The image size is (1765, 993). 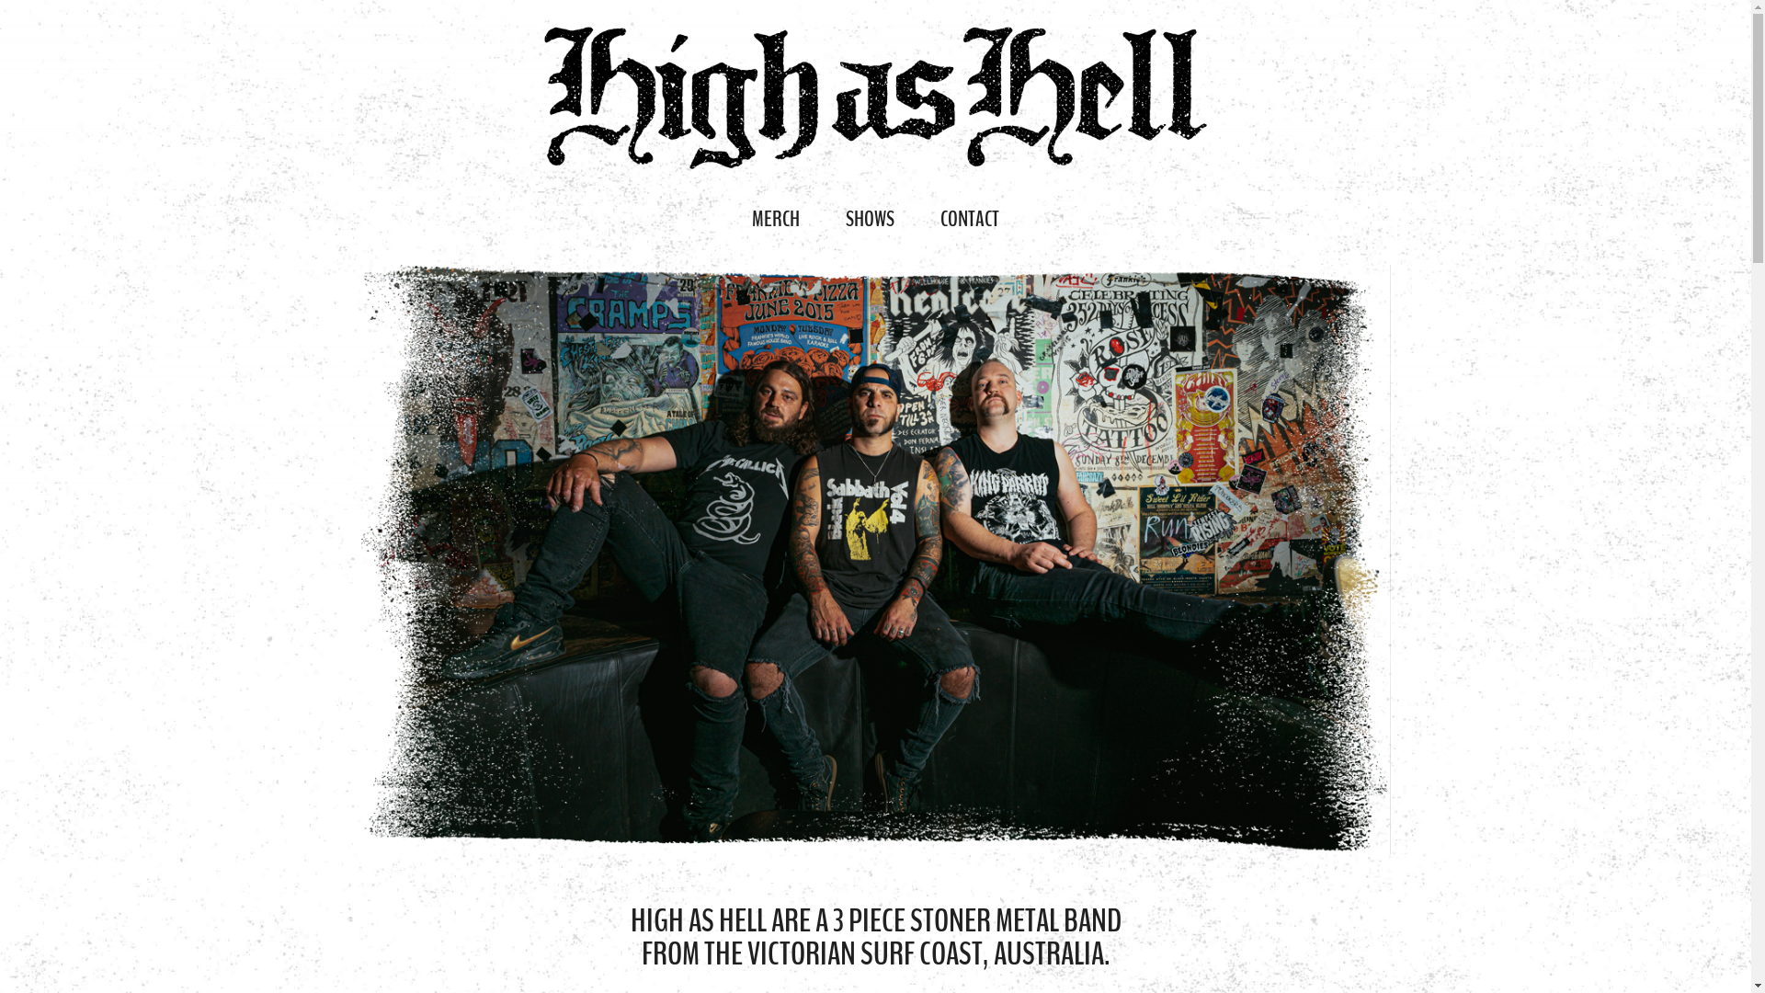 I want to click on 'CONTACT', so click(x=969, y=218).